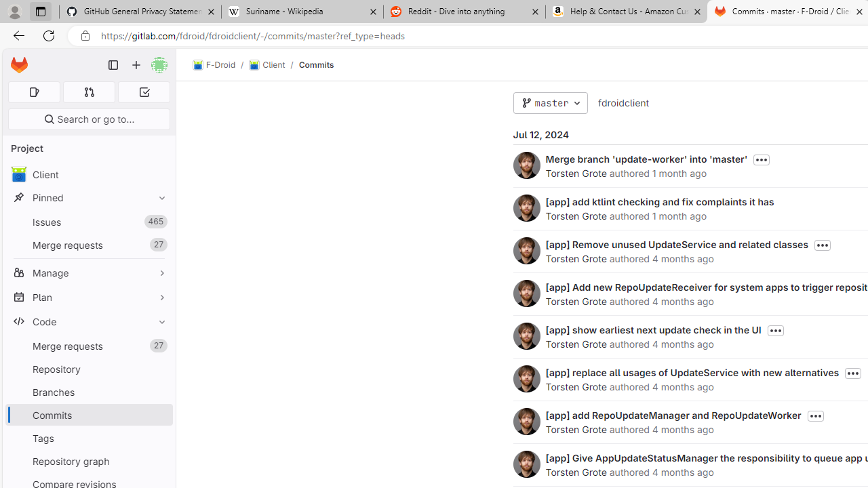  Describe the element at coordinates (88, 345) in the screenshot. I see `'Merge requests27'` at that location.